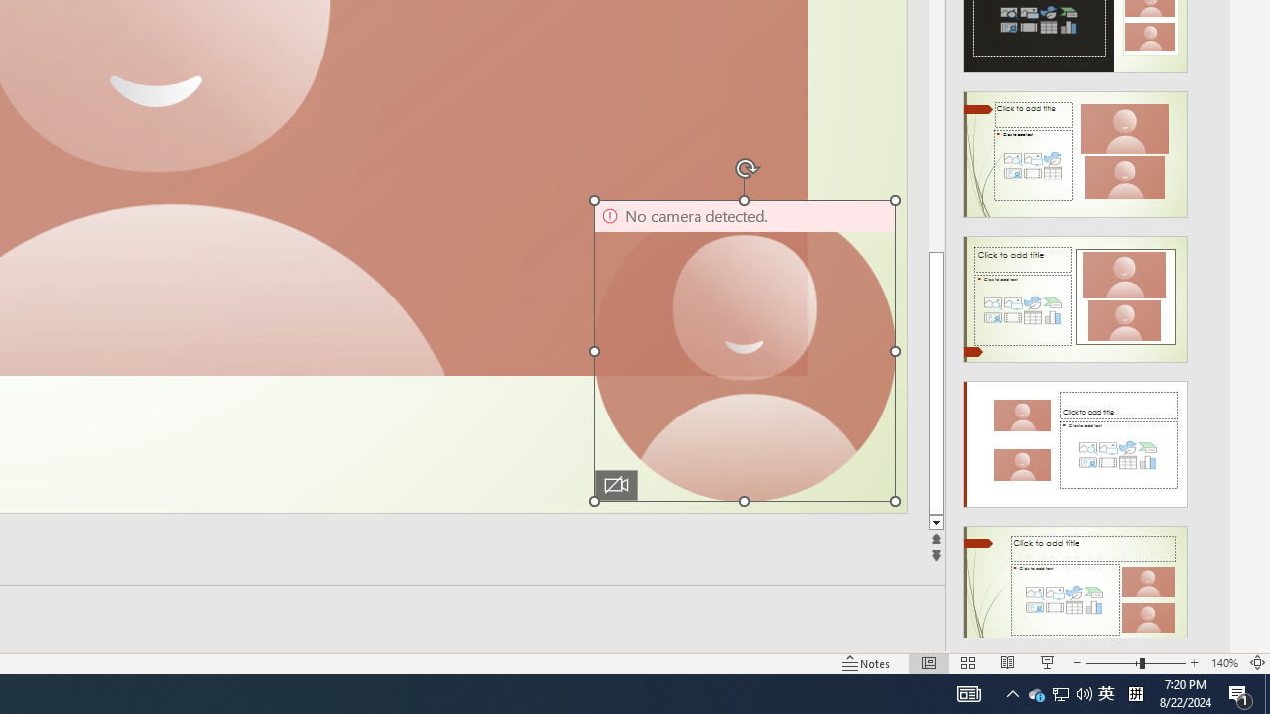 This screenshot has width=1270, height=714. What do you see at coordinates (1112, 663) in the screenshot?
I see `'Zoom Out'` at bounding box center [1112, 663].